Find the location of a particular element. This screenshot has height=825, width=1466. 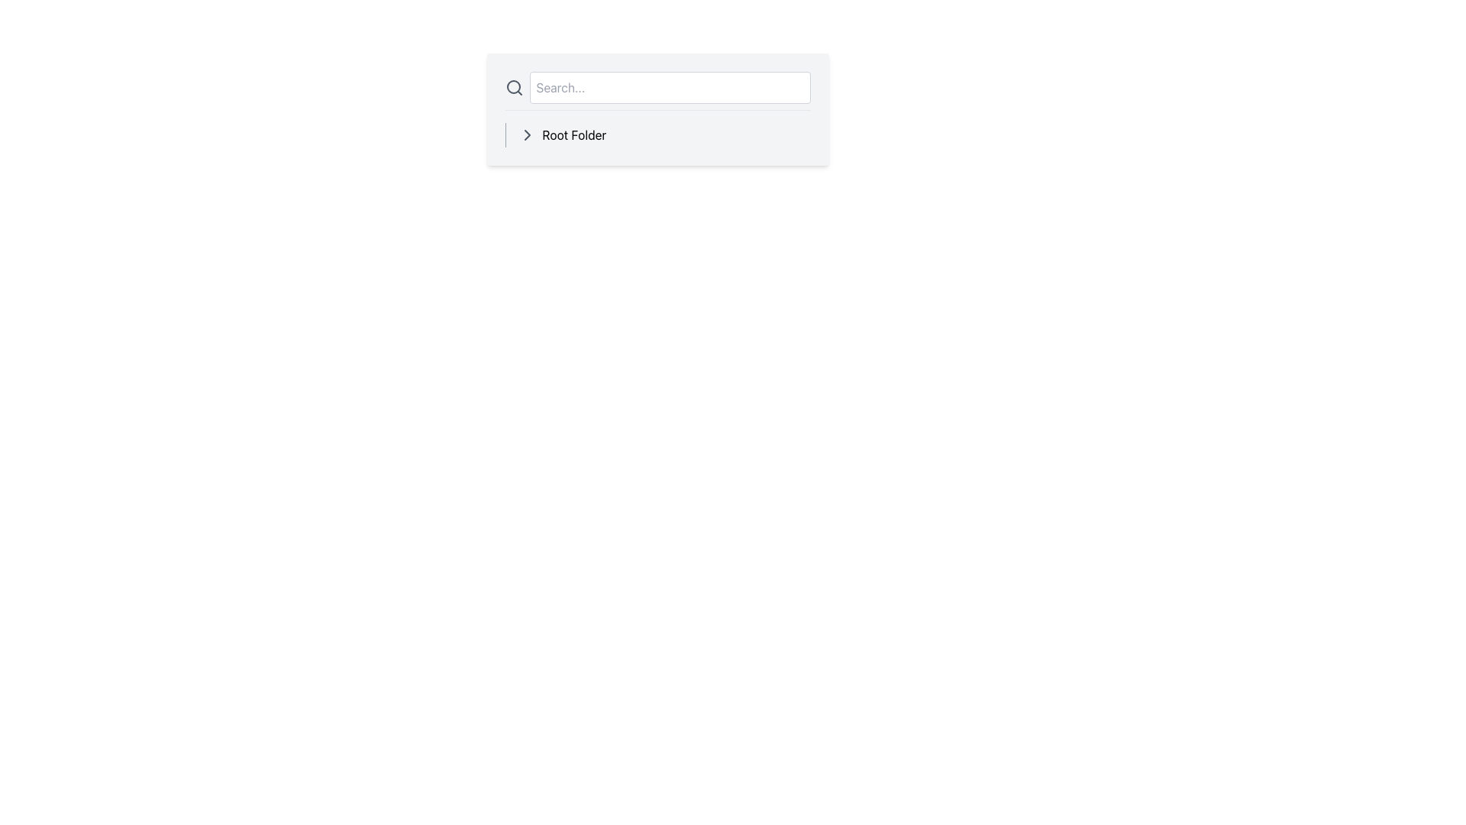

the chevron-shaped graphical indicator representing a rightward arrow, which is part of a navigation or menu component located to the right of the 'Root Folder' text label is located at coordinates (527, 134).